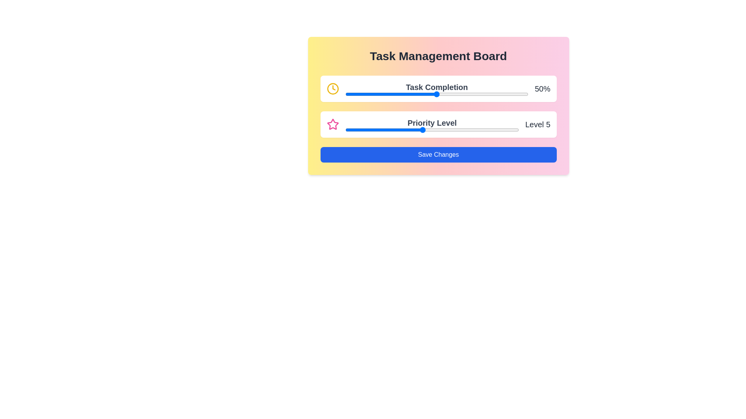  Describe the element at coordinates (514, 94) in the screenshot. I see `task completion percentage` at that location.